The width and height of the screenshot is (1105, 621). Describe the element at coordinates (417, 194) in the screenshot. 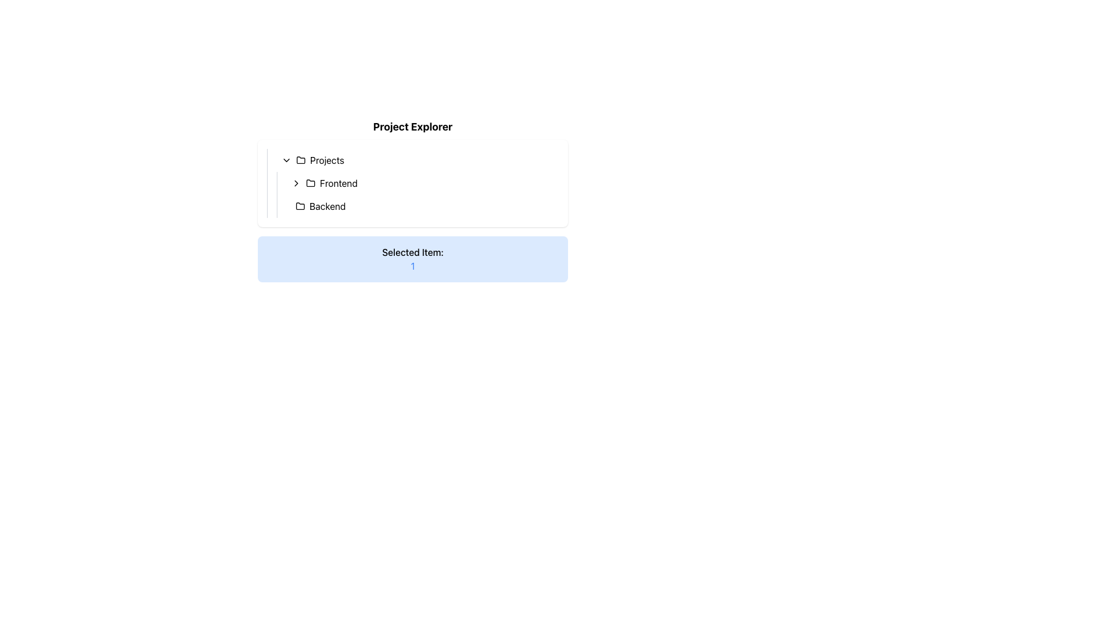

I see `the 'Frontend' option within the List Item Group located under the 'Projects' section` at that location.